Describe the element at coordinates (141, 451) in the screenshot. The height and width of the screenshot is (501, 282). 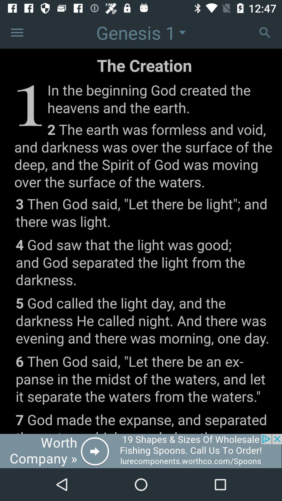
I see `advertisement` at that location.